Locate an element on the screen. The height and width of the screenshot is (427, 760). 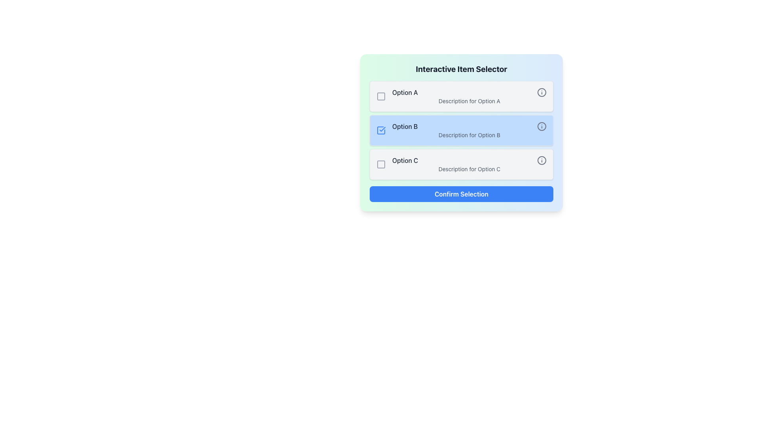
the selectable checkbox for 'Option B' is located at coordinates (381, 130).